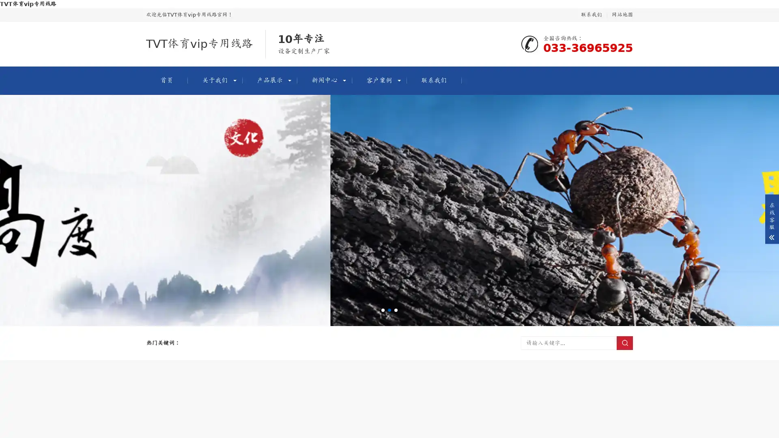  What do you see at coordinates (383, 310) in the screenshot?
I see `Go to slide 1` at bounding box center [383, 310].